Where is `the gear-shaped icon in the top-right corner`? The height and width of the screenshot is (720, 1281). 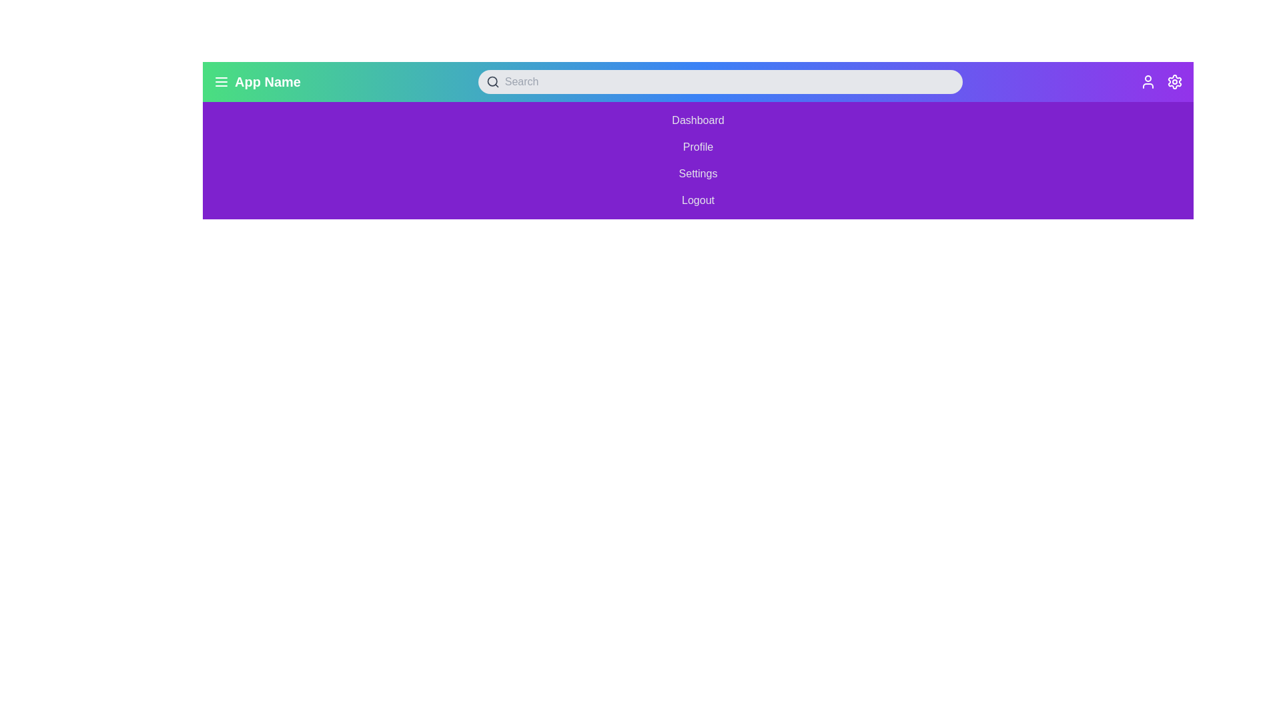 the gear-shaped icon in the top-right corner is located at coordinates (1175, 82).